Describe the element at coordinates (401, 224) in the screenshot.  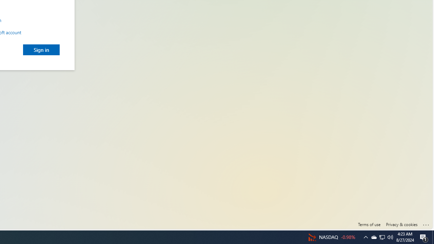
I see `'Privacy & cookies'` at that location.